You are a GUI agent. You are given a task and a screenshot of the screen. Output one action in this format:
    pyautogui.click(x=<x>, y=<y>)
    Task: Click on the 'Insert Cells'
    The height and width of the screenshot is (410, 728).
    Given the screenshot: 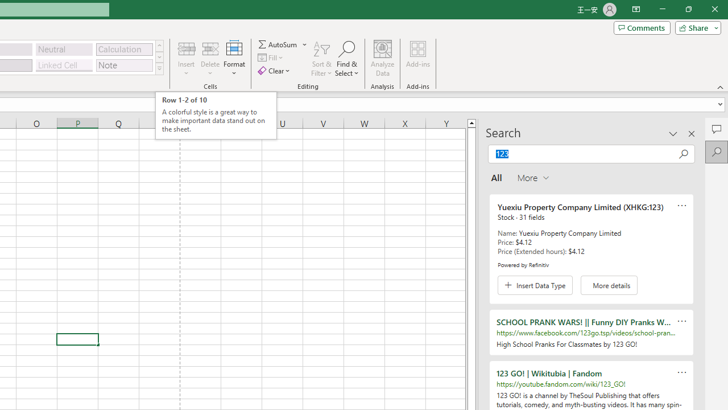 What is the action you would take?
    pyautogui.click(x=187, y=48)
    